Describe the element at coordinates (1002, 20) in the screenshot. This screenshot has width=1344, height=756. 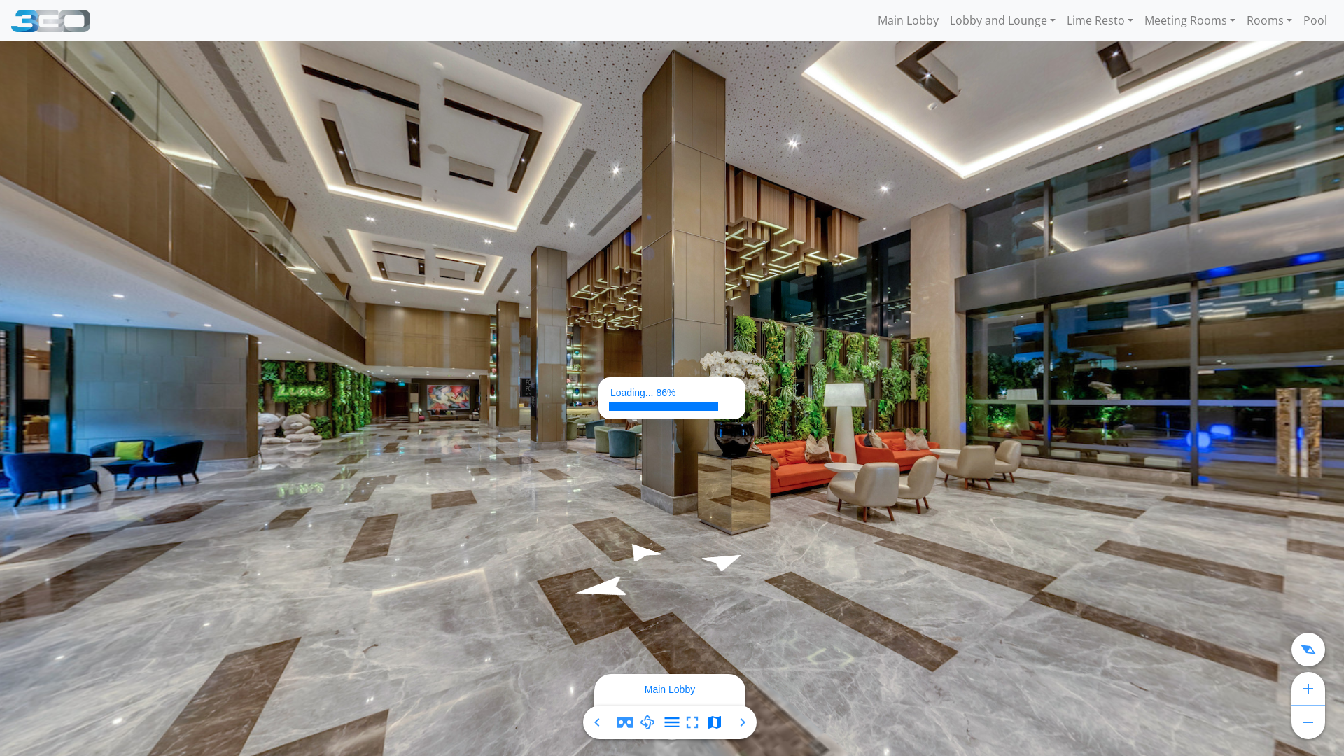
I see `'Lobby and Lounge'` at that location.